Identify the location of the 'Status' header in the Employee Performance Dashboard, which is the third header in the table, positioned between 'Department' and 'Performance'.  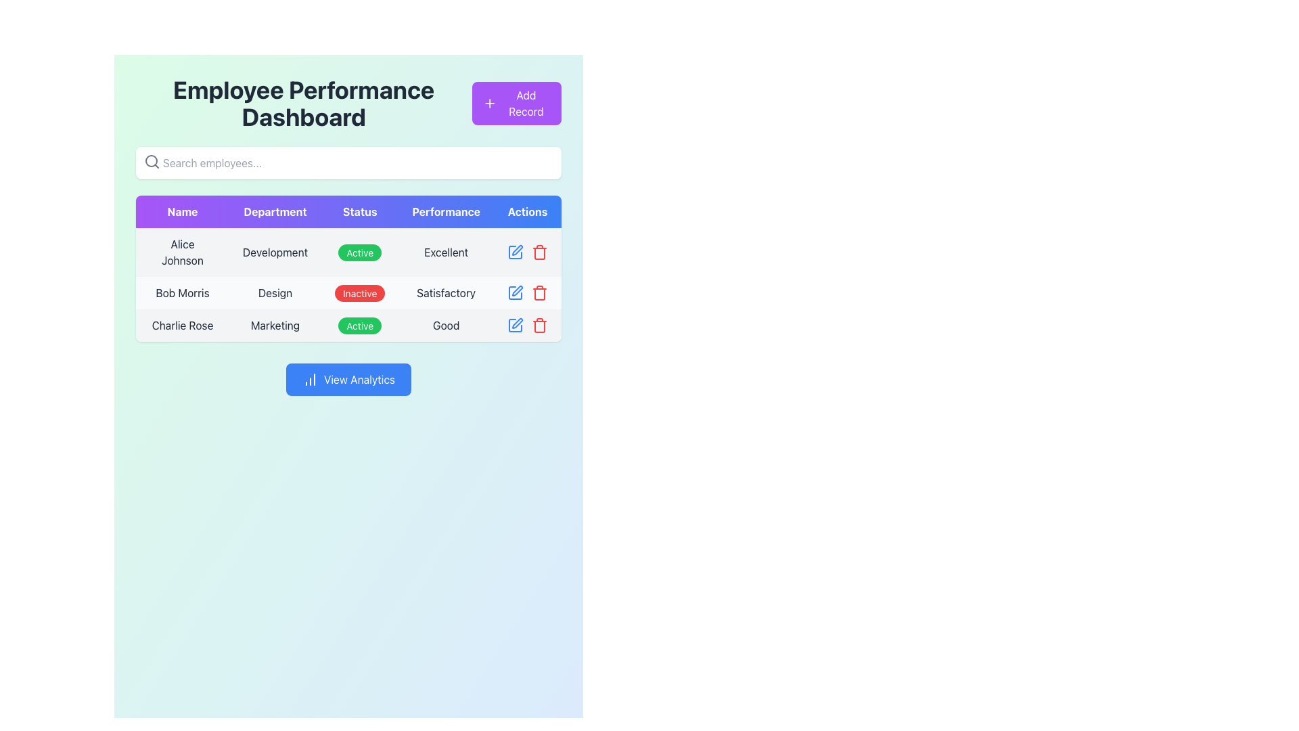
(360, 211).